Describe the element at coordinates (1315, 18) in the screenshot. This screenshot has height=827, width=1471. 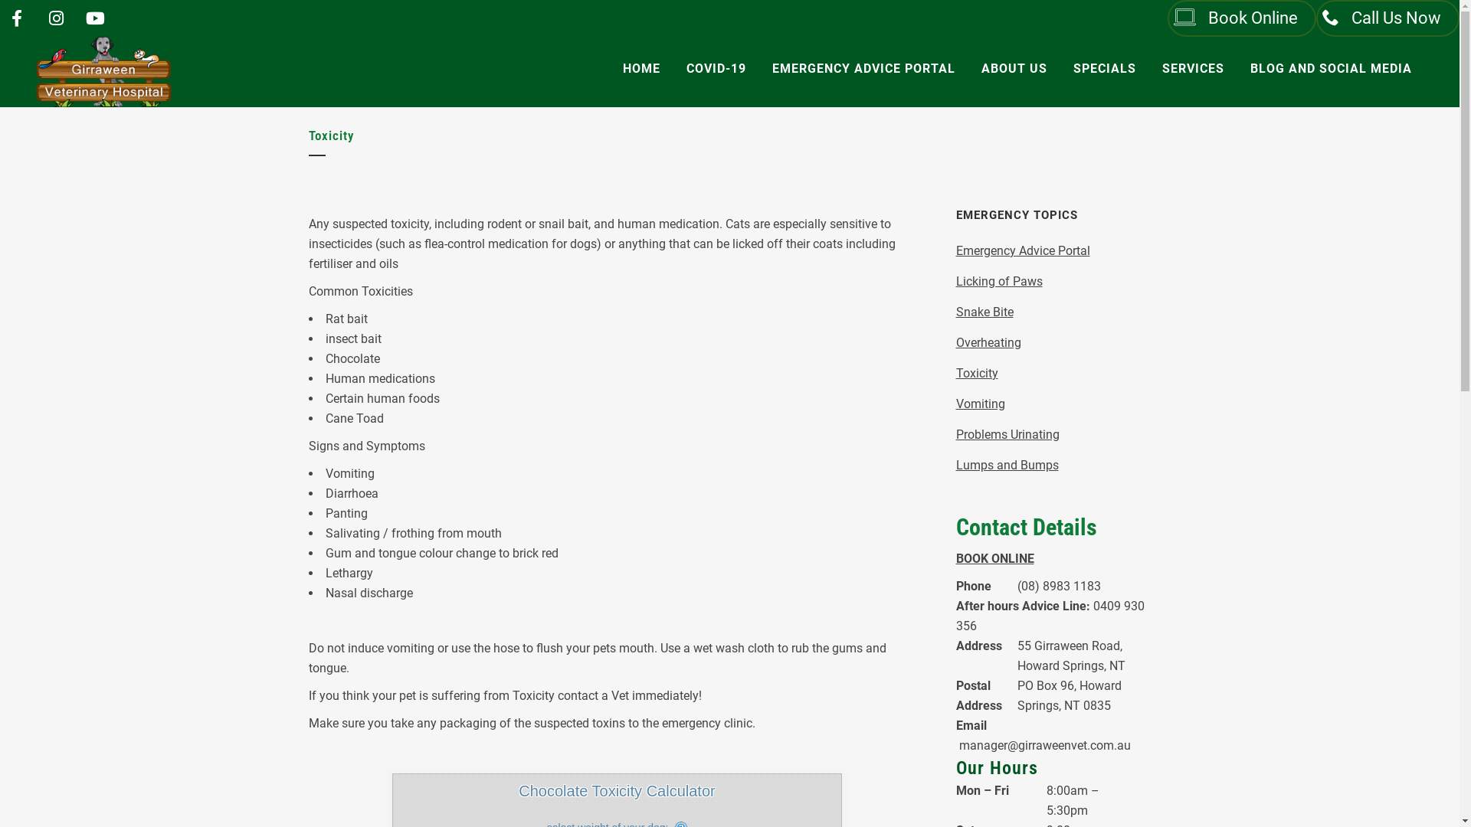
I see `'Call Us Now'` at that location.